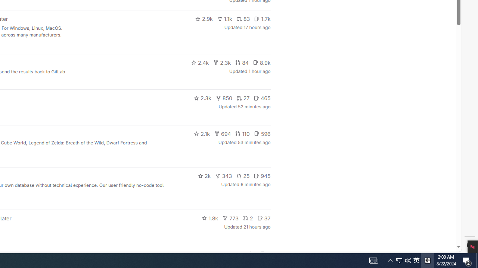  I want to click on '2', so click(248, 218).